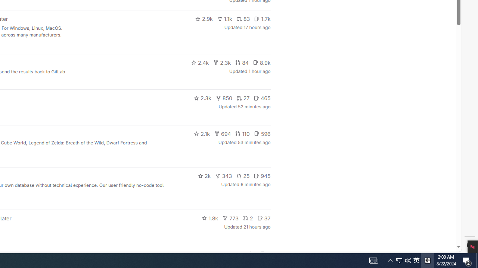  I want to click on '2', so click(248, 218).